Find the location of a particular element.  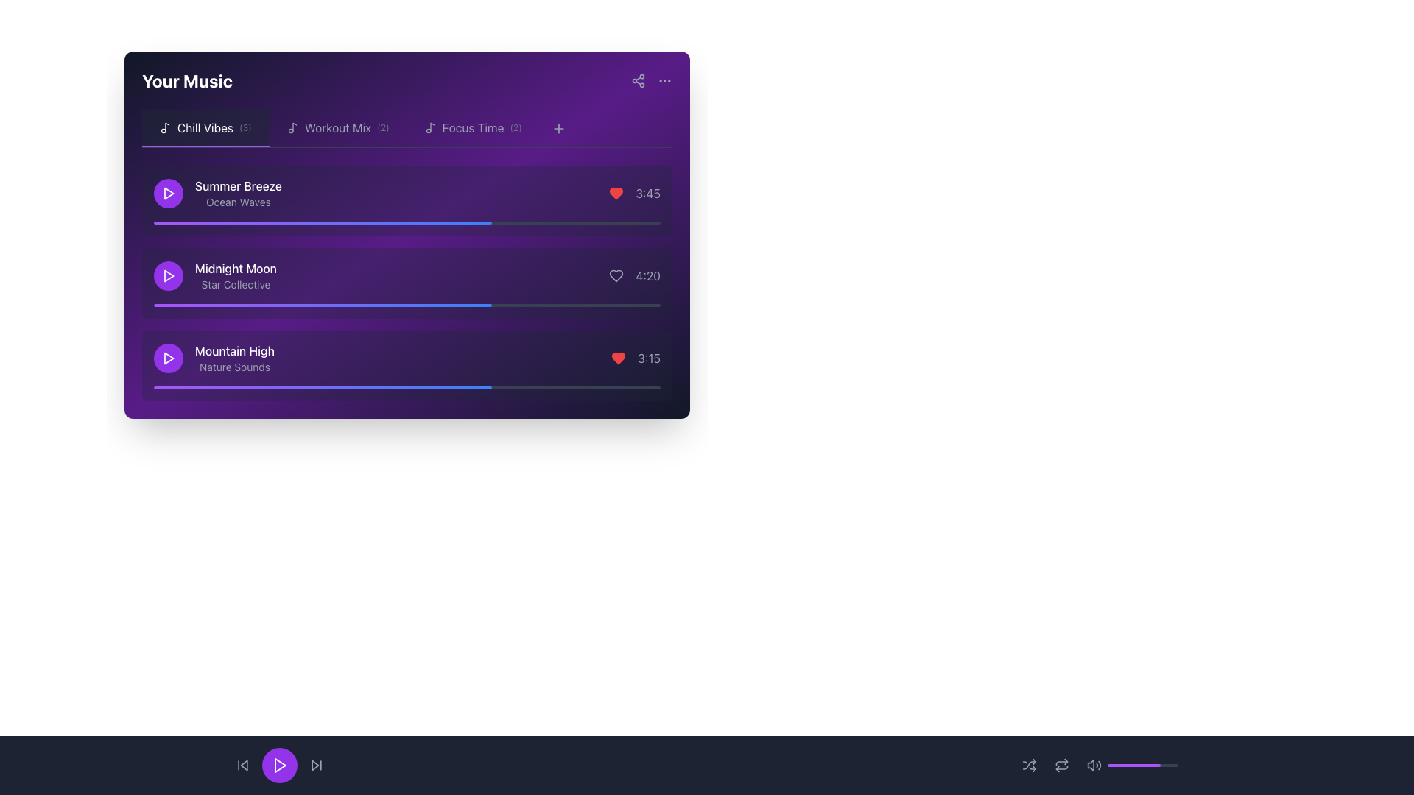

the heart-shaped icon button with a gray outline to favorite the item, which is positioned to the left of the text '4:20' is located at coordinates (616, 275).